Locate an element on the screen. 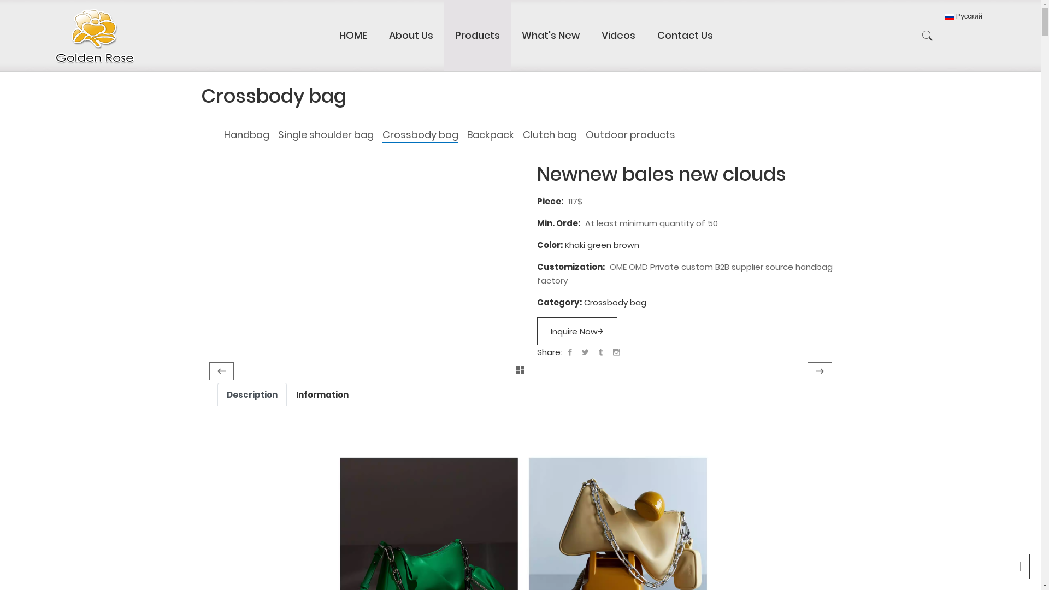 Image resolution: width=1049 pixels, height=590 pixels. 'Backpack' is located at coordinates (467, 134).